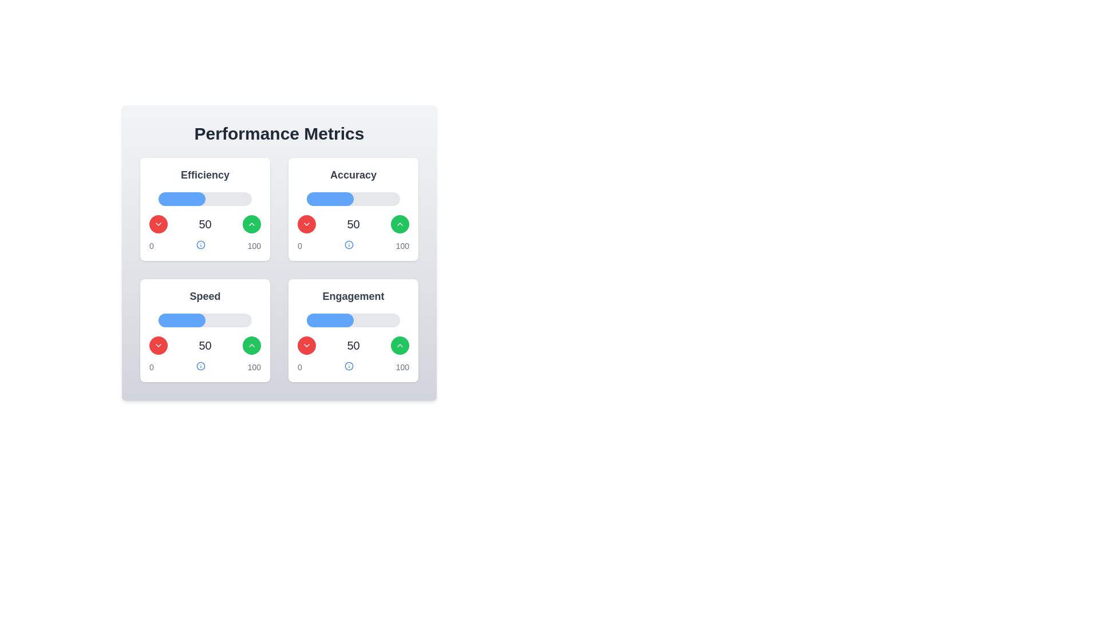 The height and width of the screenshot is (618, 1099). I want to click on the numeric digit '0' text label displayed in gray color, located in the bottom left corner of the 'Speed' metric card, so click(151, 367).